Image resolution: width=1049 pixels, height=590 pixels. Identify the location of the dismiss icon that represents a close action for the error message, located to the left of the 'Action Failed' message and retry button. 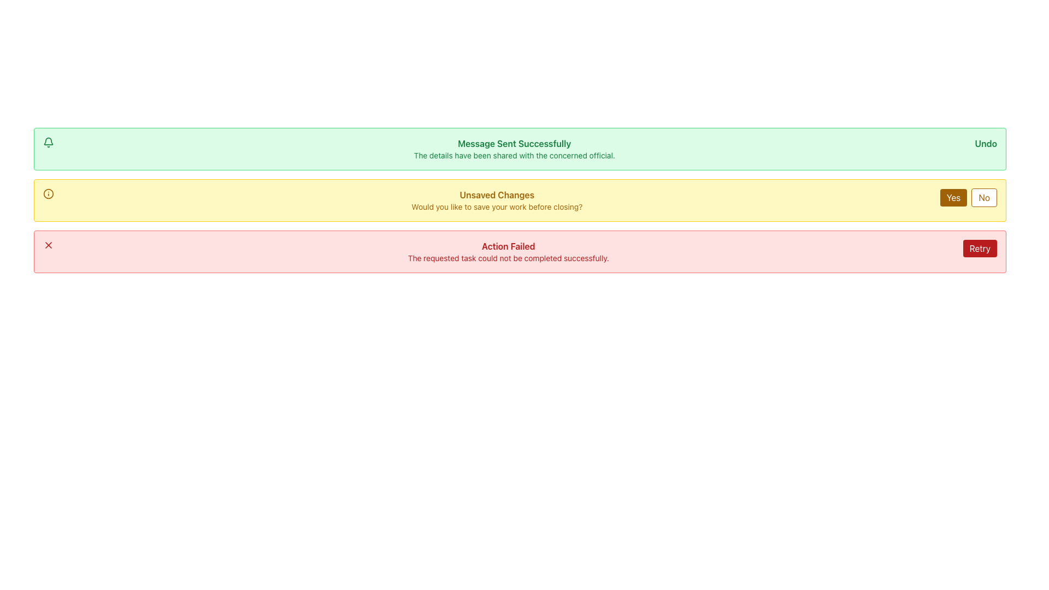
(48, 244).